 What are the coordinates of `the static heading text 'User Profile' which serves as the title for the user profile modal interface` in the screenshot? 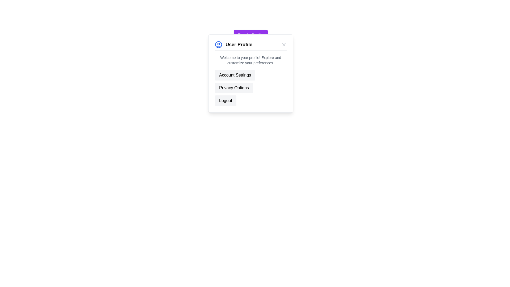 It's located at (239, 44).